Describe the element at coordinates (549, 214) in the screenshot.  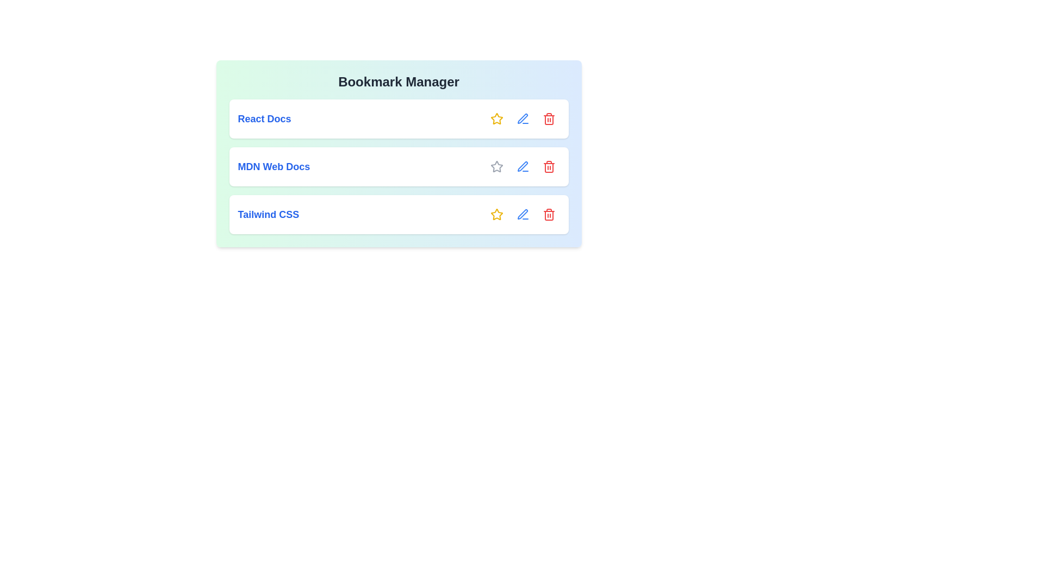
I see `the interactive element Tailwind CSS Delete to reveal its hover state` at that location.